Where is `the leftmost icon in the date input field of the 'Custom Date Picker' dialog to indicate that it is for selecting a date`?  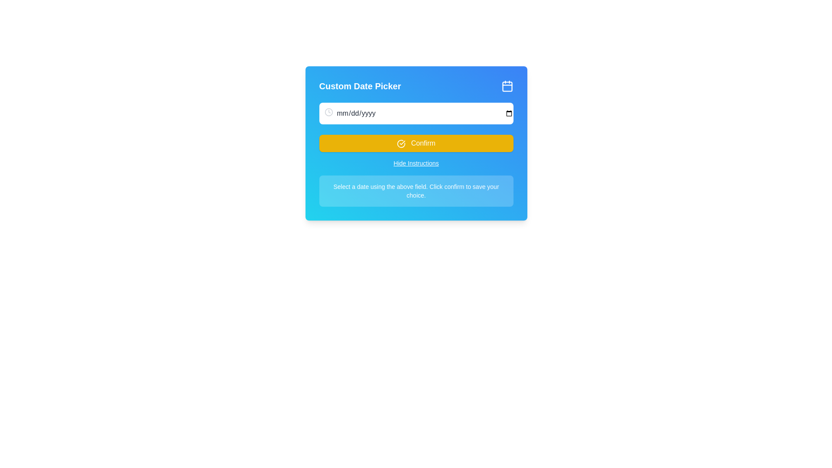
the leftmost icon in the date input field of the 'Custom Date Picker' dialog to indicate that it is for selecting a date is located at coordinates (328, 111).